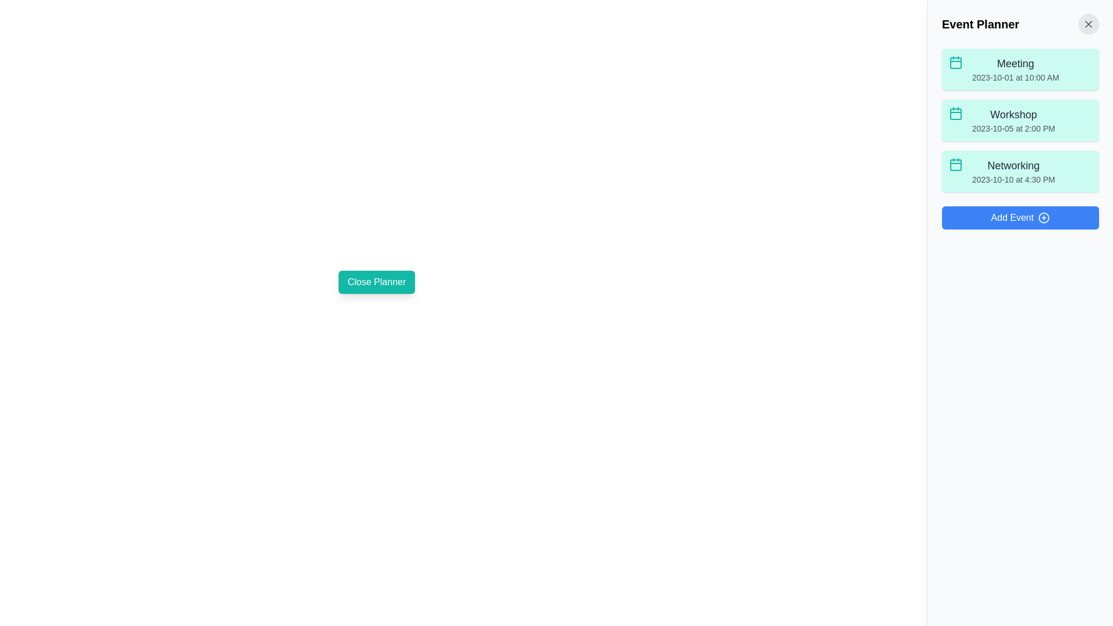 This screenshot has height=626, width=1113. What do you see at coordinates (1015, 78) in the screenshot?
I see `the informational label displaying the scheduled time and date for the event titled 'Meeting', located in the 'Event Planner' sidebar, below the 'Meeting' title and within the green card for the first event` at bounding box center [1015, 78].